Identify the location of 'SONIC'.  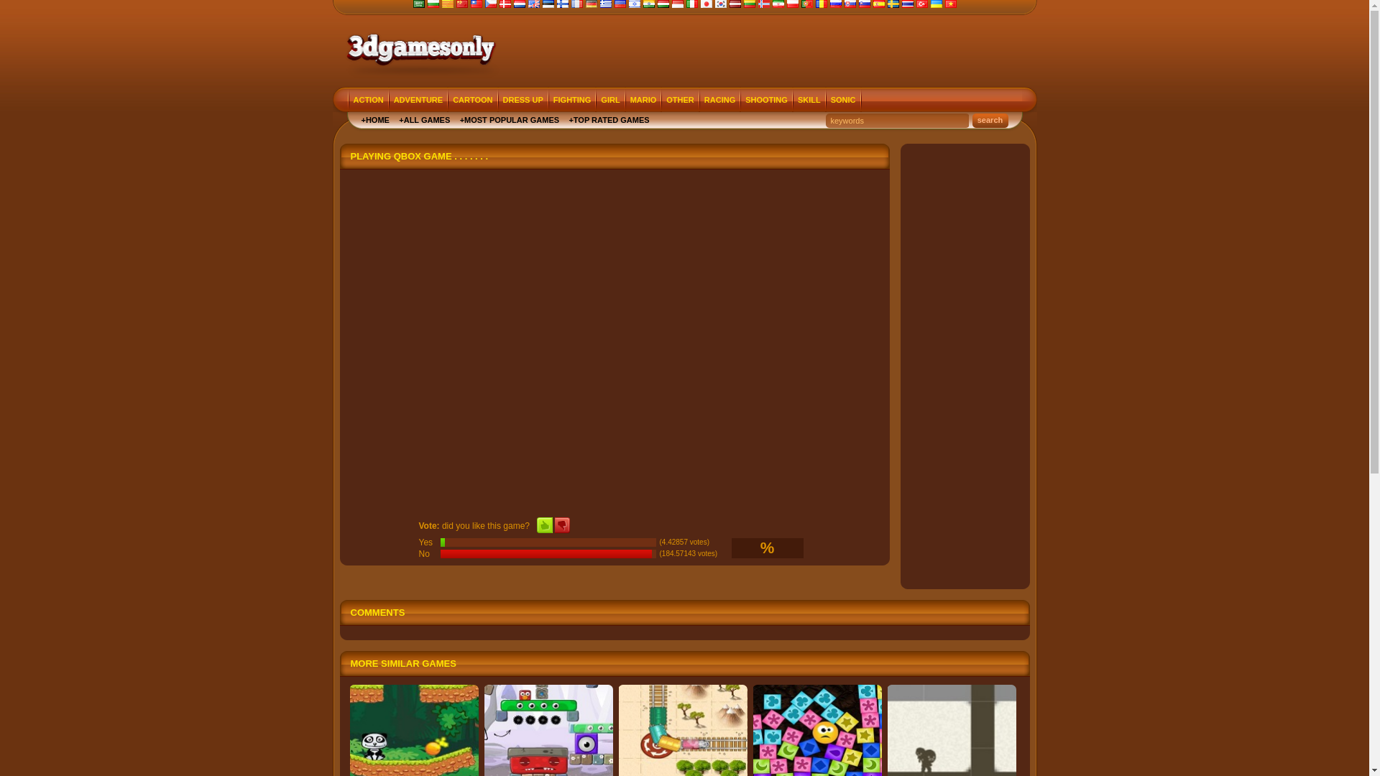
(843, 99).